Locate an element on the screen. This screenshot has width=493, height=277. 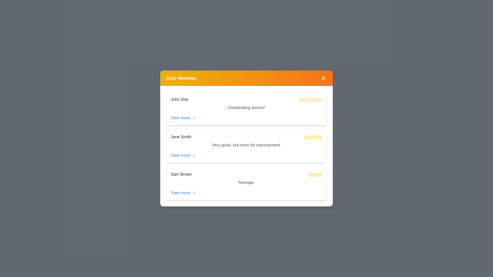
'View more' link for the review of John Doe is located at coordinates (183, 118).